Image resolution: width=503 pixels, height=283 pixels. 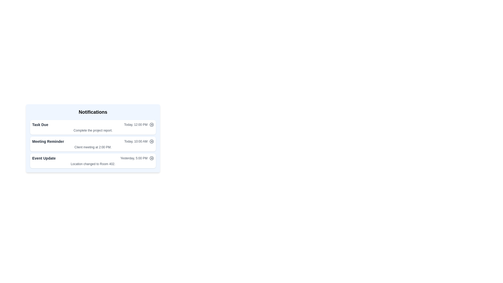 What do you see at coordinates (151, 141) in the screenshot?
I see `the circular outline element that is part of the notification list item, positioned to the right of the text content` at bounding box center [151, 141].